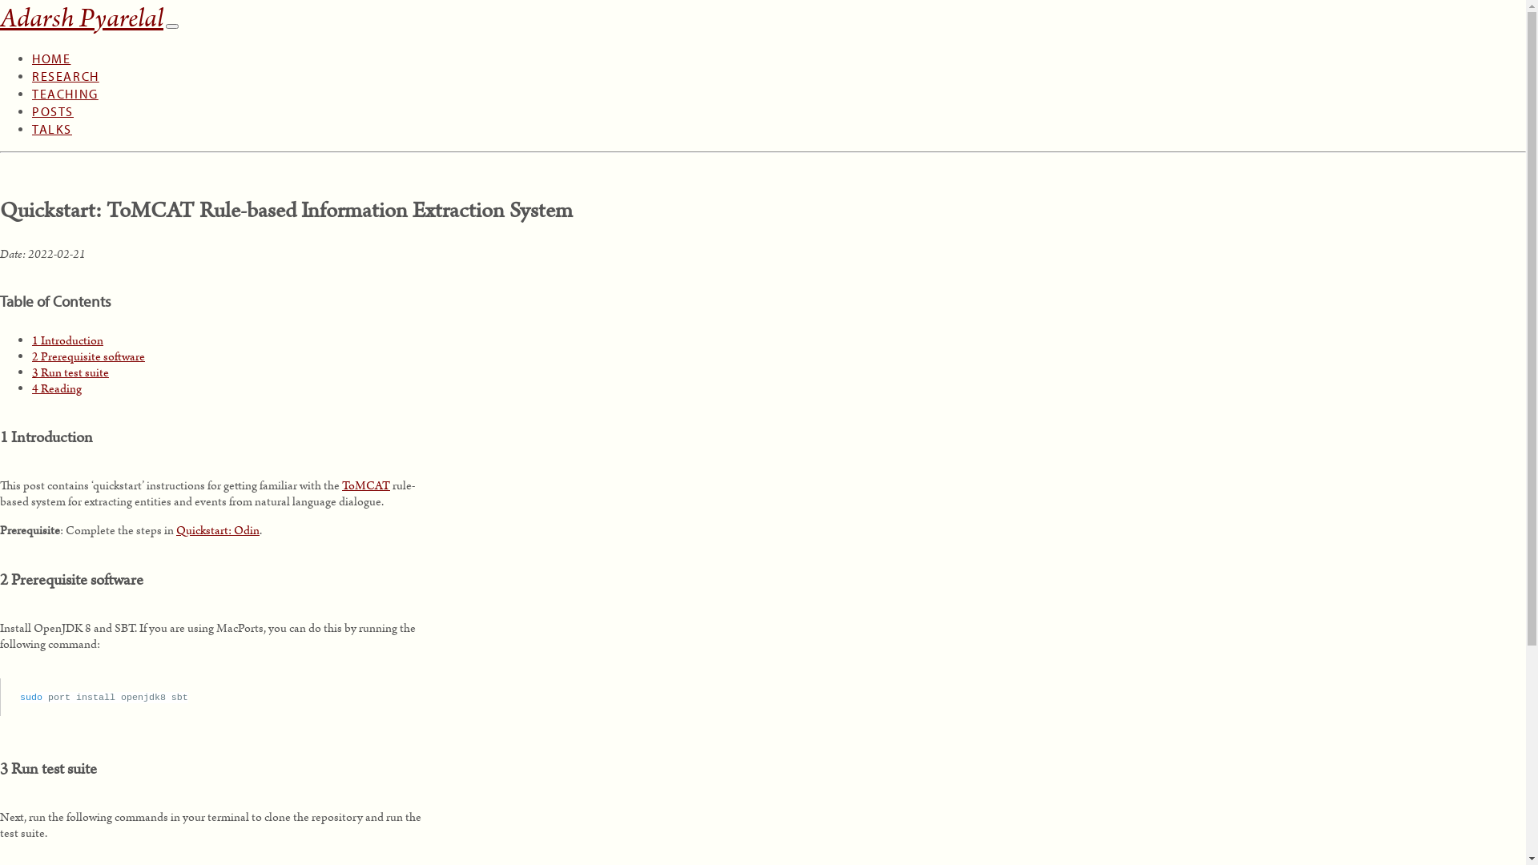 The image size is (1538, 865). What do you see at coordinates (31, 339) in the screenshot?
I see `'1 Introduction'` at bounding box center [31, 339].